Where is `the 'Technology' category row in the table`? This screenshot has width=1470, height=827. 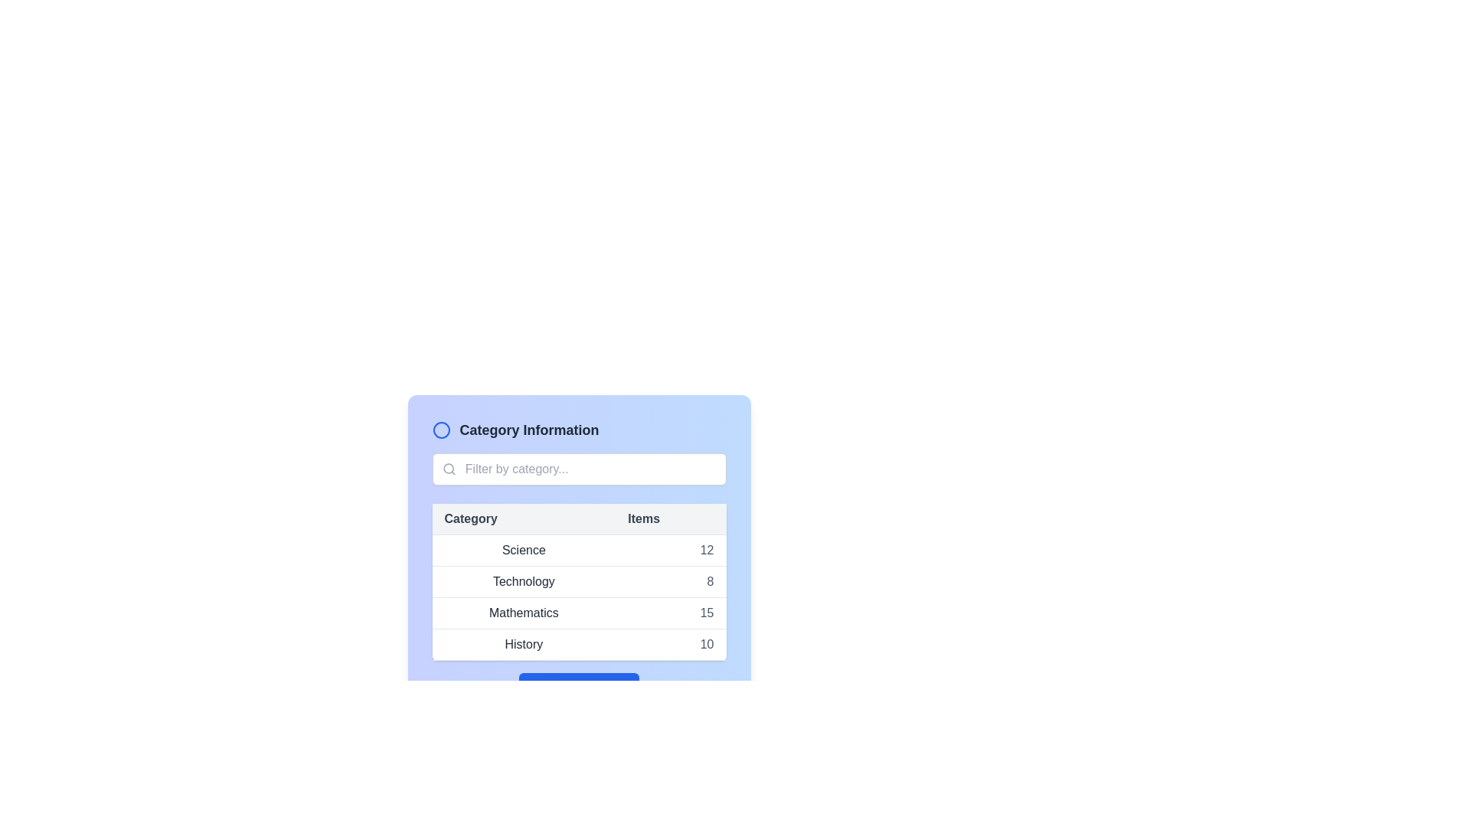 the 'Technology' category row in the table is located at coordinates (578, 581).